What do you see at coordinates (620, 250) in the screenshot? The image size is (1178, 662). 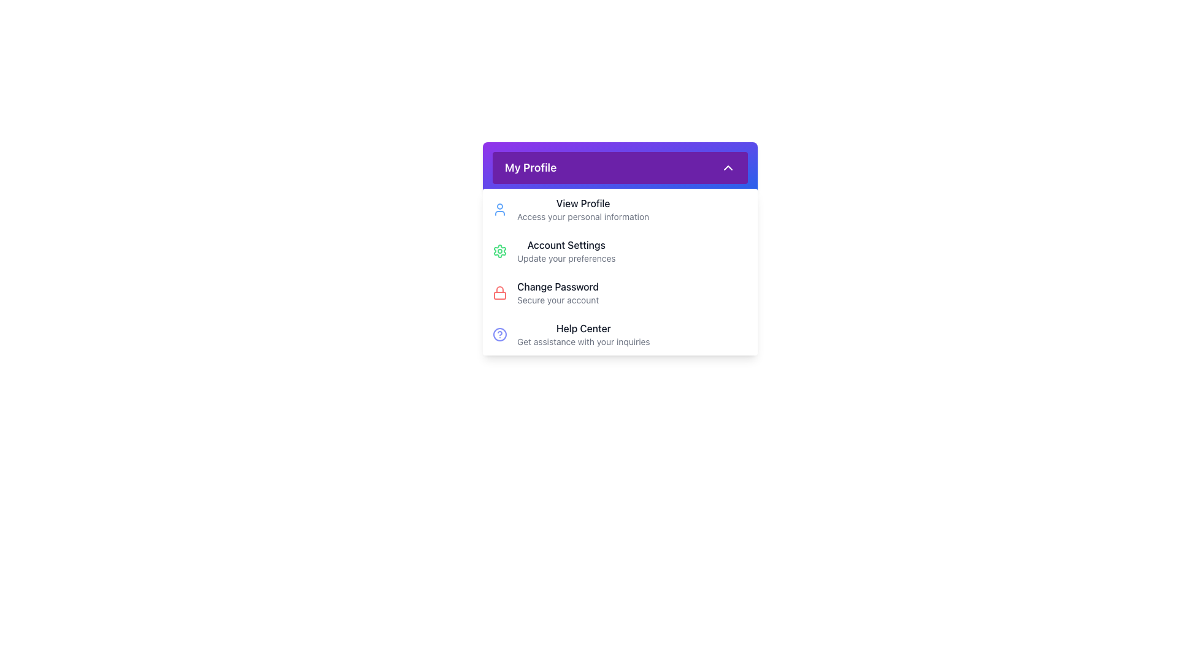 I see `the 'Account Settings' button, which is the second item in the 'My Profile' dropdown menu` at bounding box center [620, 250].